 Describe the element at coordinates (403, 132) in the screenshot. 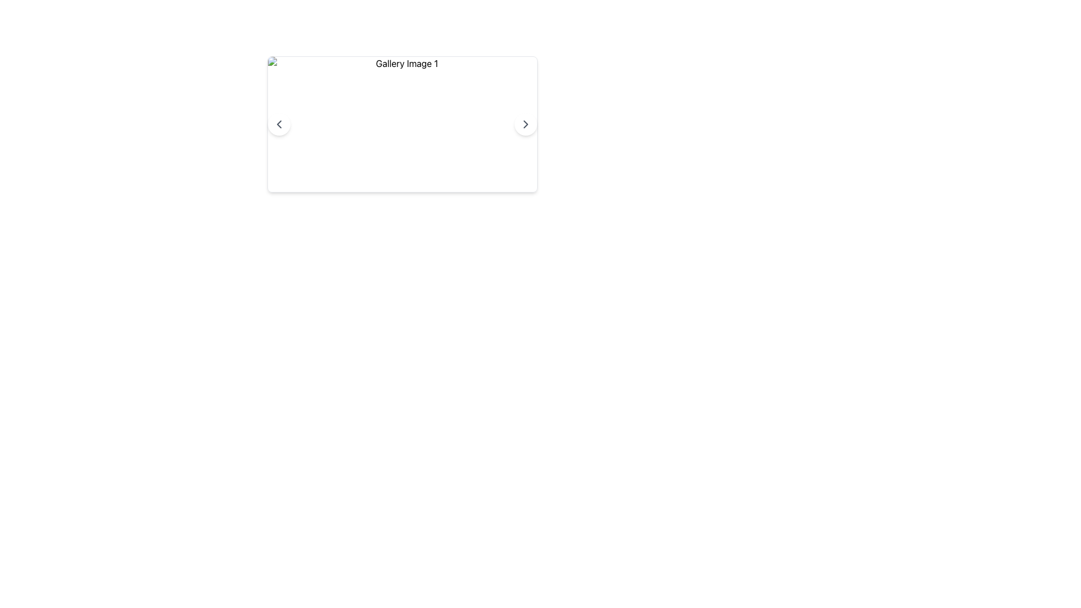

I see `the dot indicator below the Image gallery viewer to change the displayed image titled 'Gallery Image 1'` at that location.